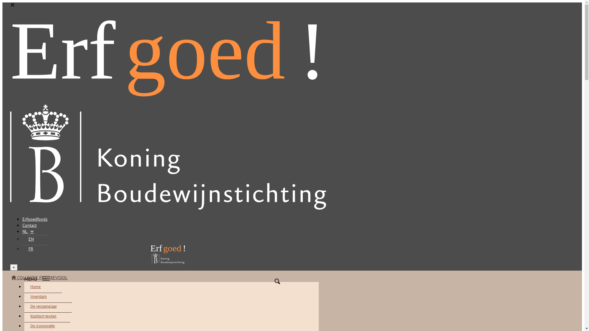  I want to click on '+', so click(13, 267).